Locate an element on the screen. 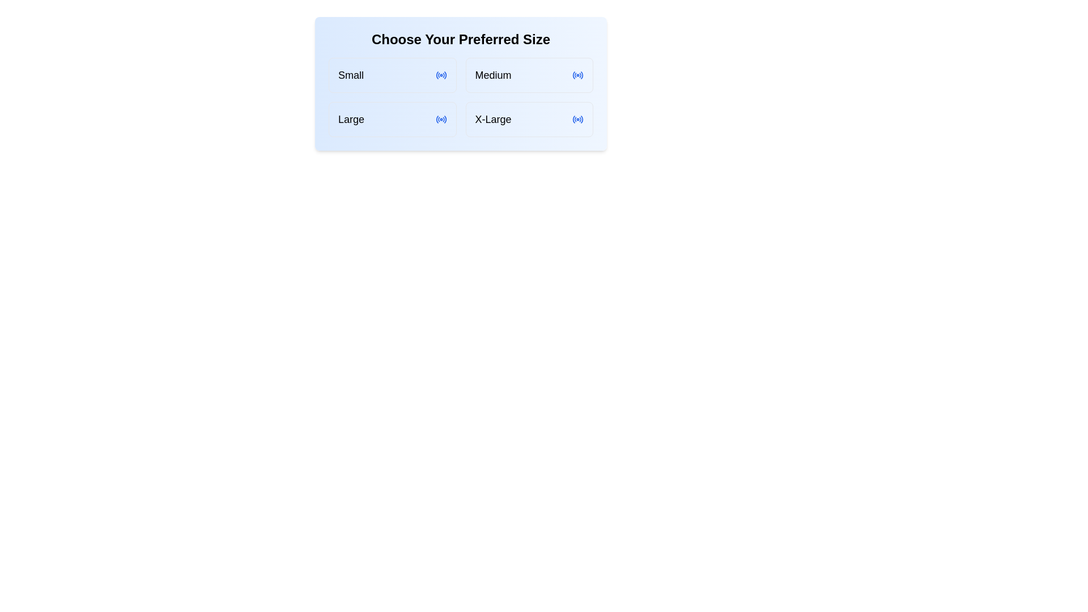 The width and height of the screenshot is (1088, 612). the radio button icon for the 'X-Large' size option is located at coordinates (577, 120).